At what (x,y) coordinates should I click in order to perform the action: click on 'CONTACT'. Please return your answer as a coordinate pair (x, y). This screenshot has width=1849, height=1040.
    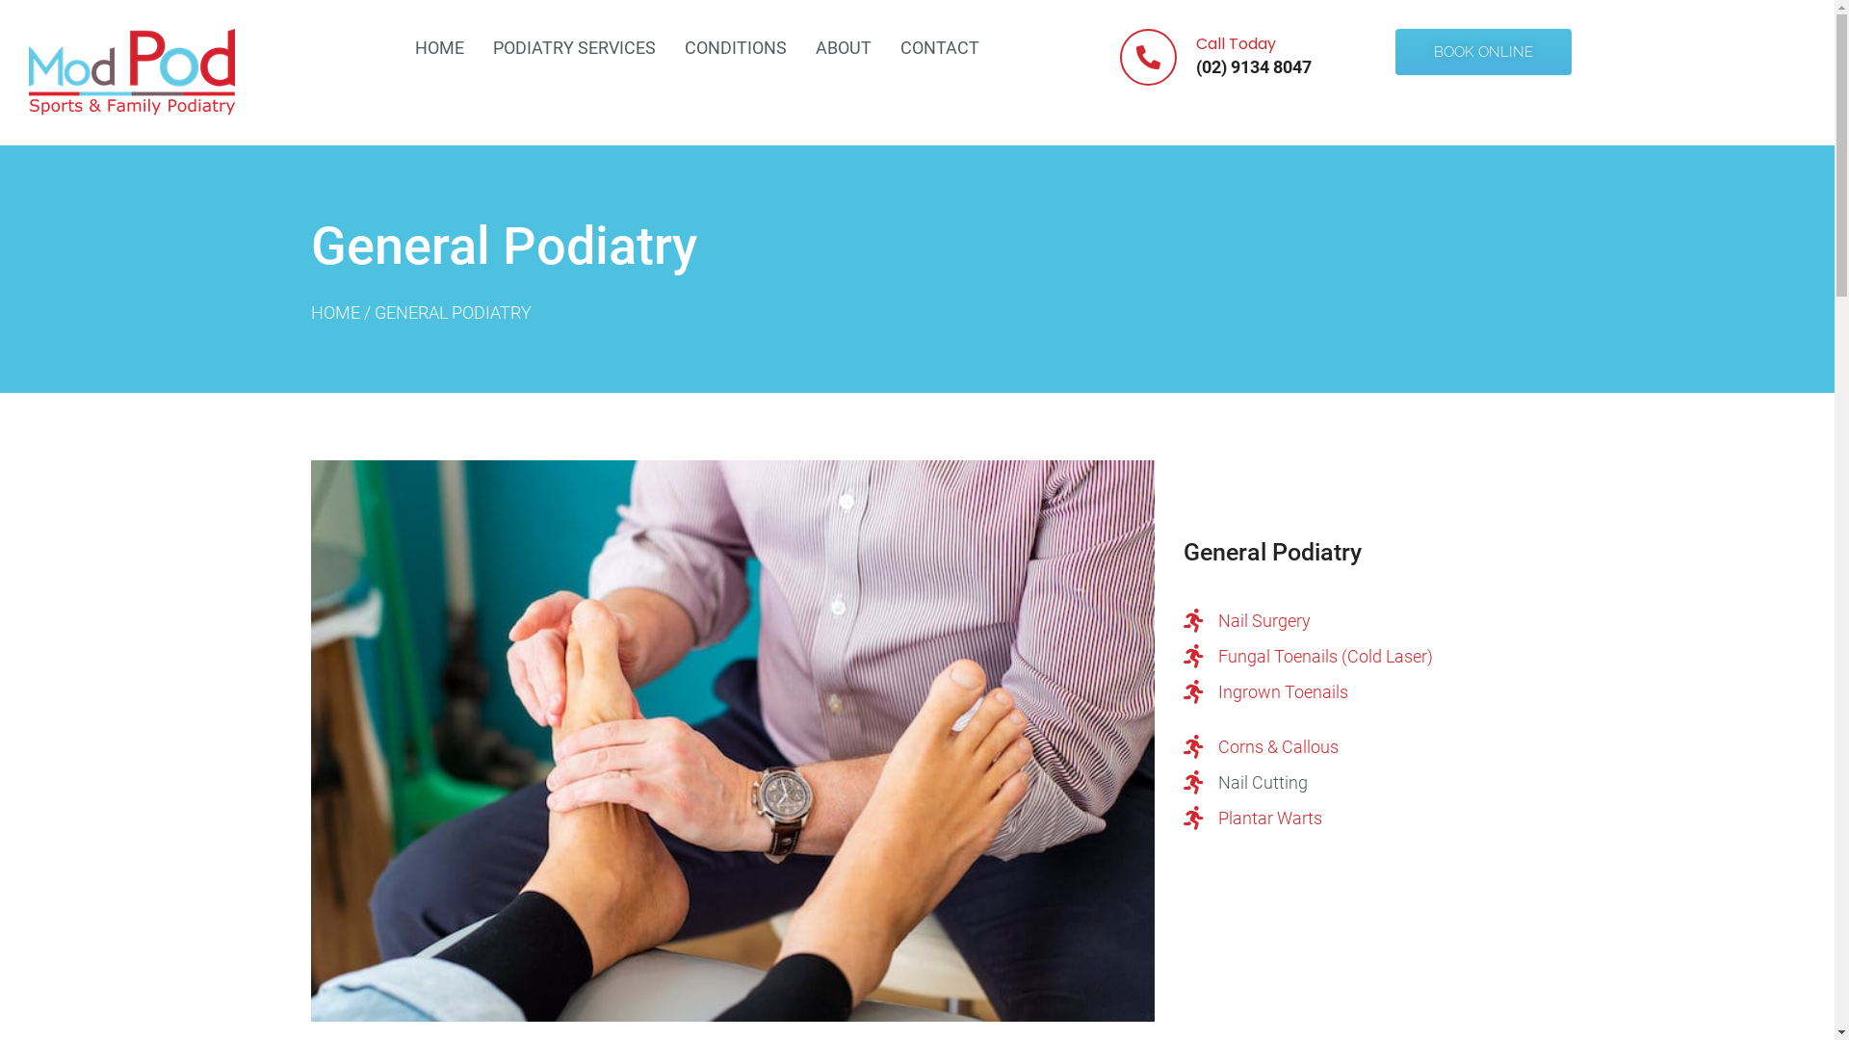
    Looking at the image, I should click on (939, 47).